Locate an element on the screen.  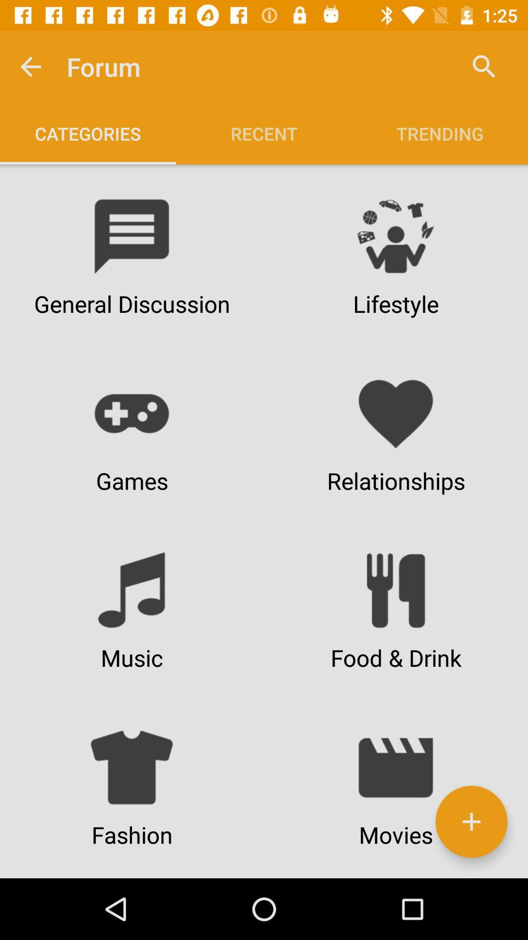
the icon next to fashion item is located at coordinates (471, 822).